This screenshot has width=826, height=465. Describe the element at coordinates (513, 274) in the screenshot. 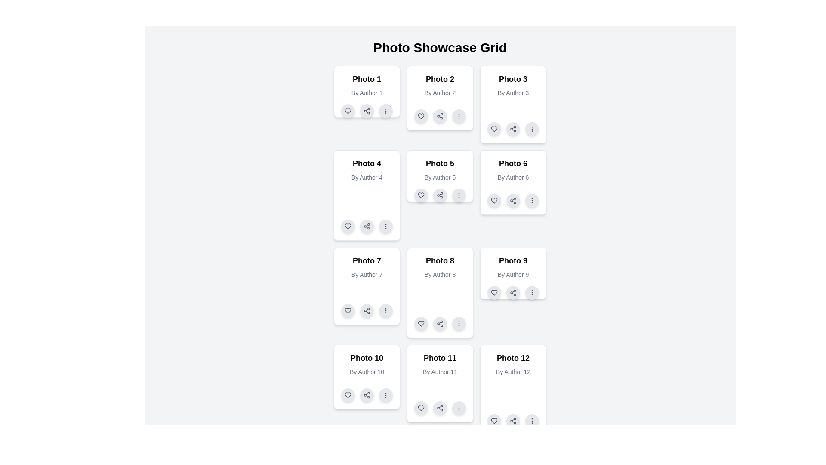

I see `the Text label providing attribution or author information located below the heading 'Photo 9' in the ninth card of the grid layout` at that location.